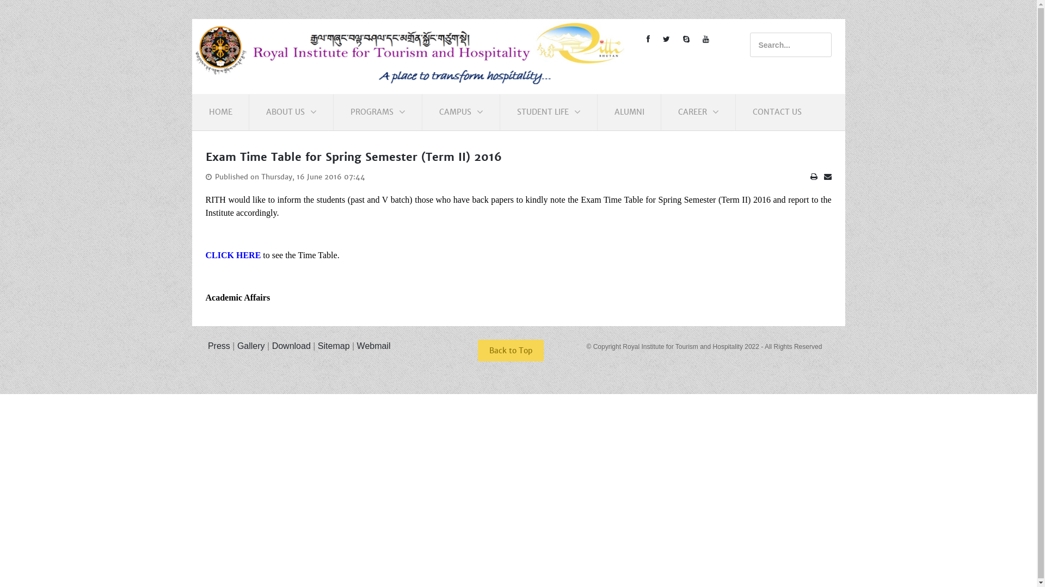 Image resolution: width=1045 pixels, height=587 pixels. Describe the element at coordinates (373, 346) in the screenshot. I see `'Webmail'` at that location.